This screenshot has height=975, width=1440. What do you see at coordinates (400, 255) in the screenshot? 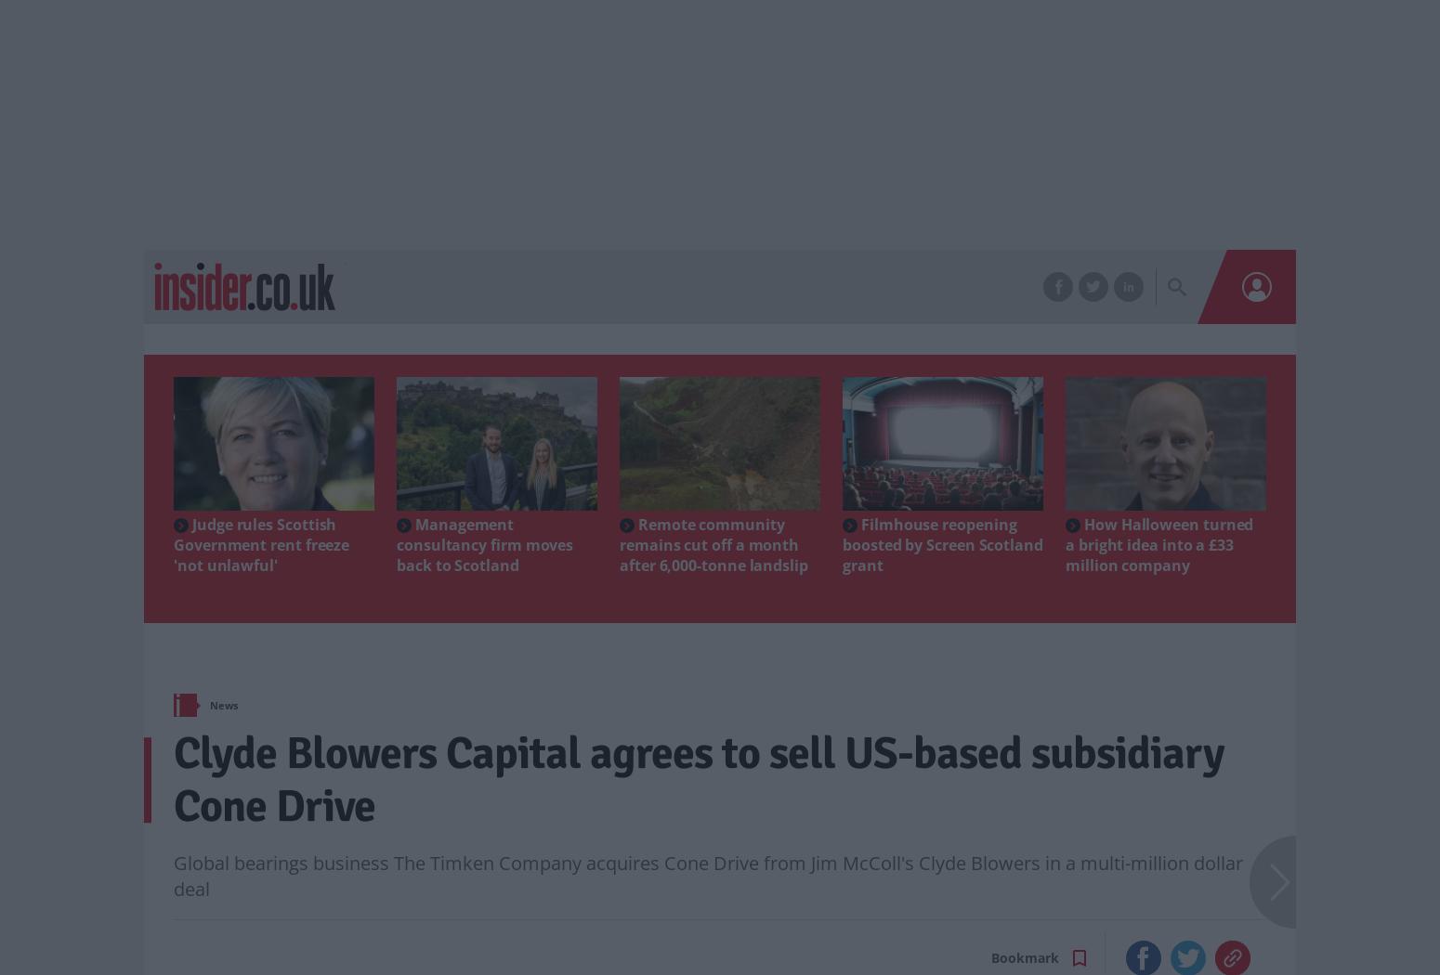
I see `'businessInsider'` at bounding box center [400, 255].